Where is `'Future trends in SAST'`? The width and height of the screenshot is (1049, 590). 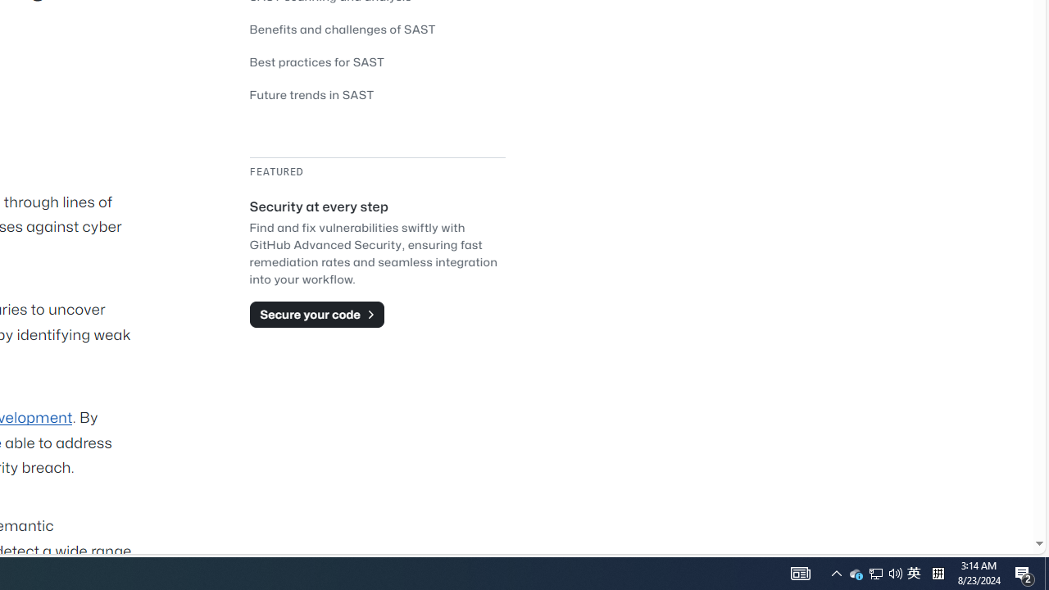
'Future trends in SAST' is located at coordinates (376, 94).